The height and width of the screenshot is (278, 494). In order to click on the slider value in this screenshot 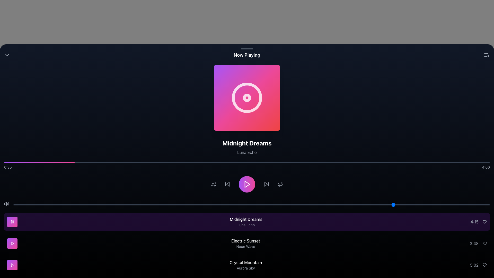, I will do `click(347, 204)`.